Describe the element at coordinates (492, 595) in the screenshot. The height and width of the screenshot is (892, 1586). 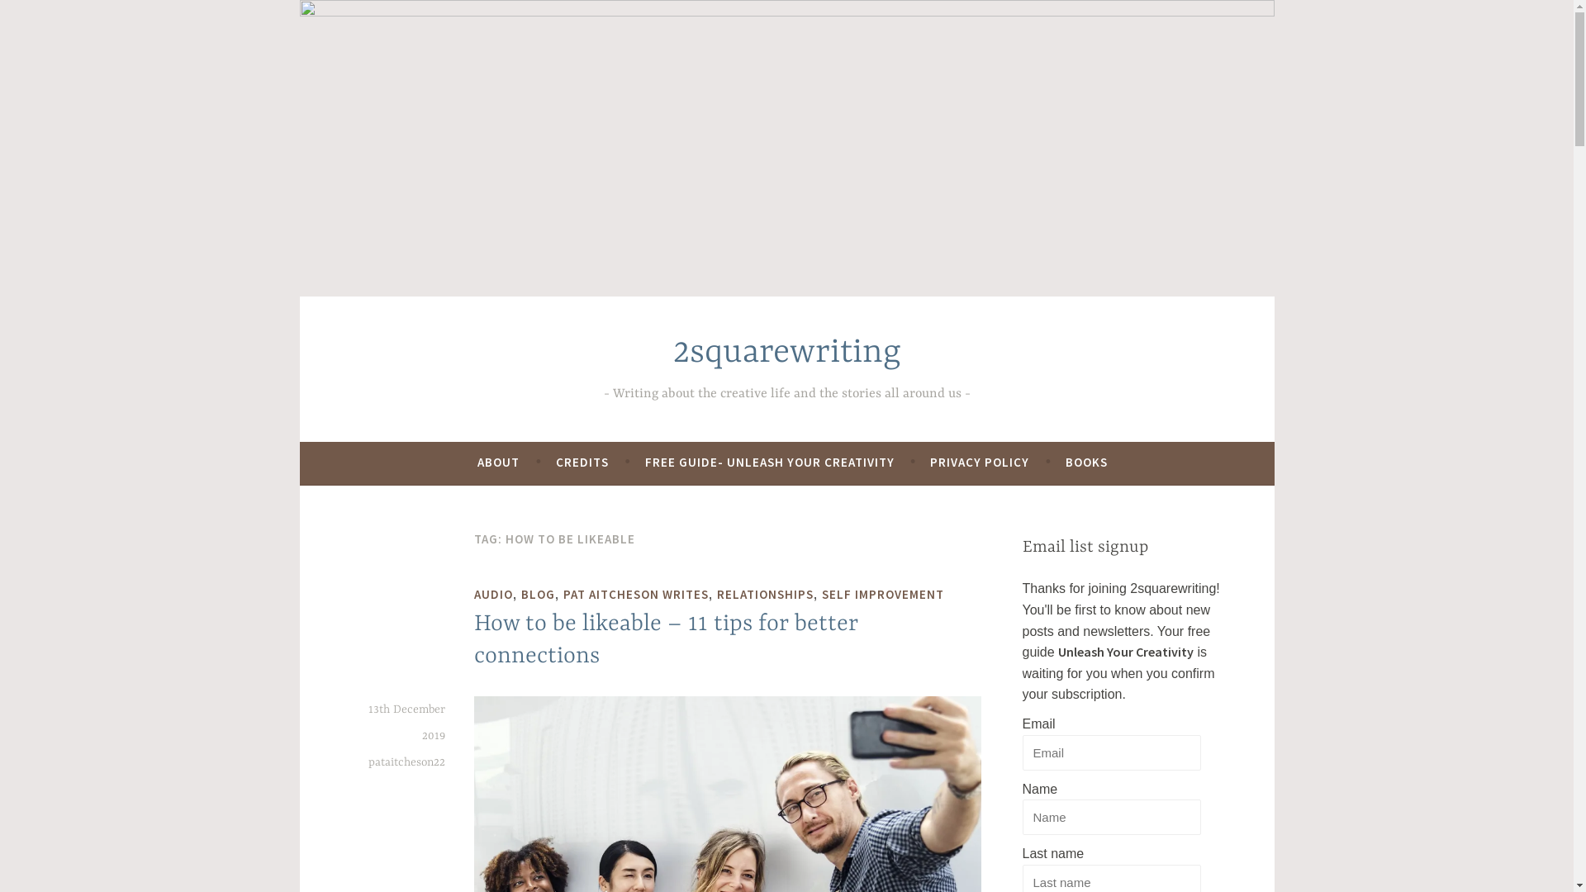
I see `'AUDIO'` at that location.